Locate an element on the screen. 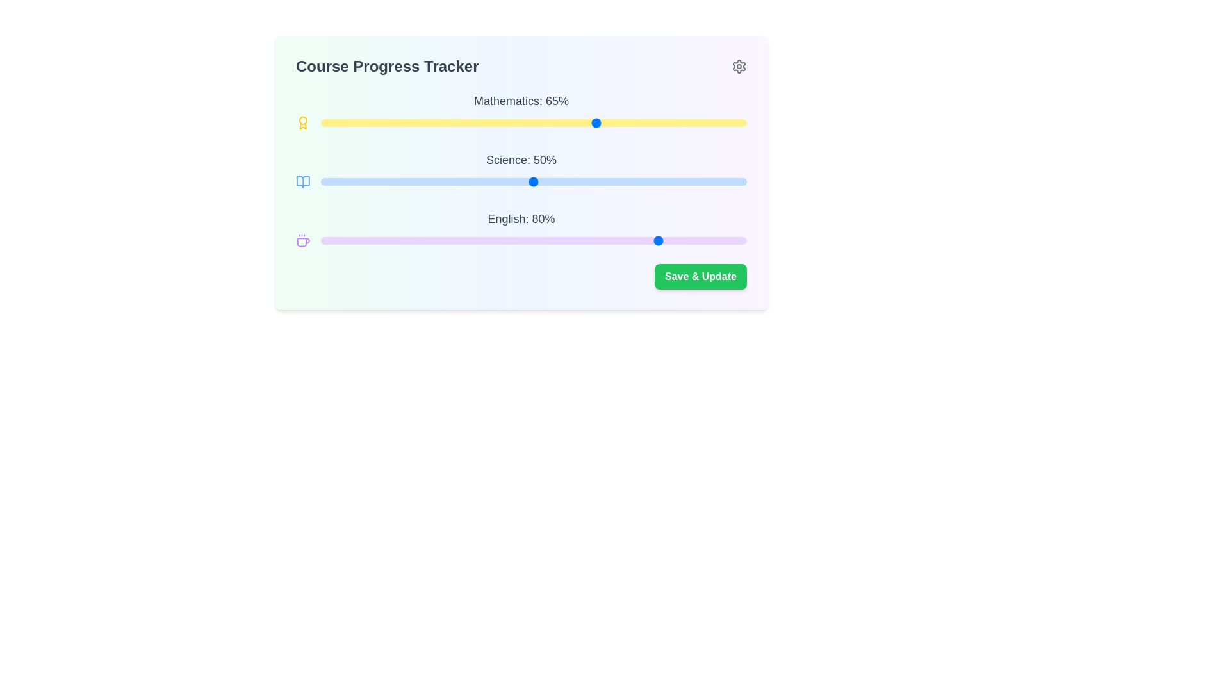  the English progress is located at coordinates (632, 240).